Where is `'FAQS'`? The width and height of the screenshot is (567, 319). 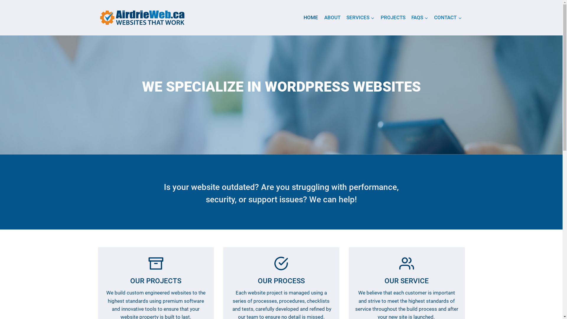
'FAQS' is located at coordinates (419, 17).